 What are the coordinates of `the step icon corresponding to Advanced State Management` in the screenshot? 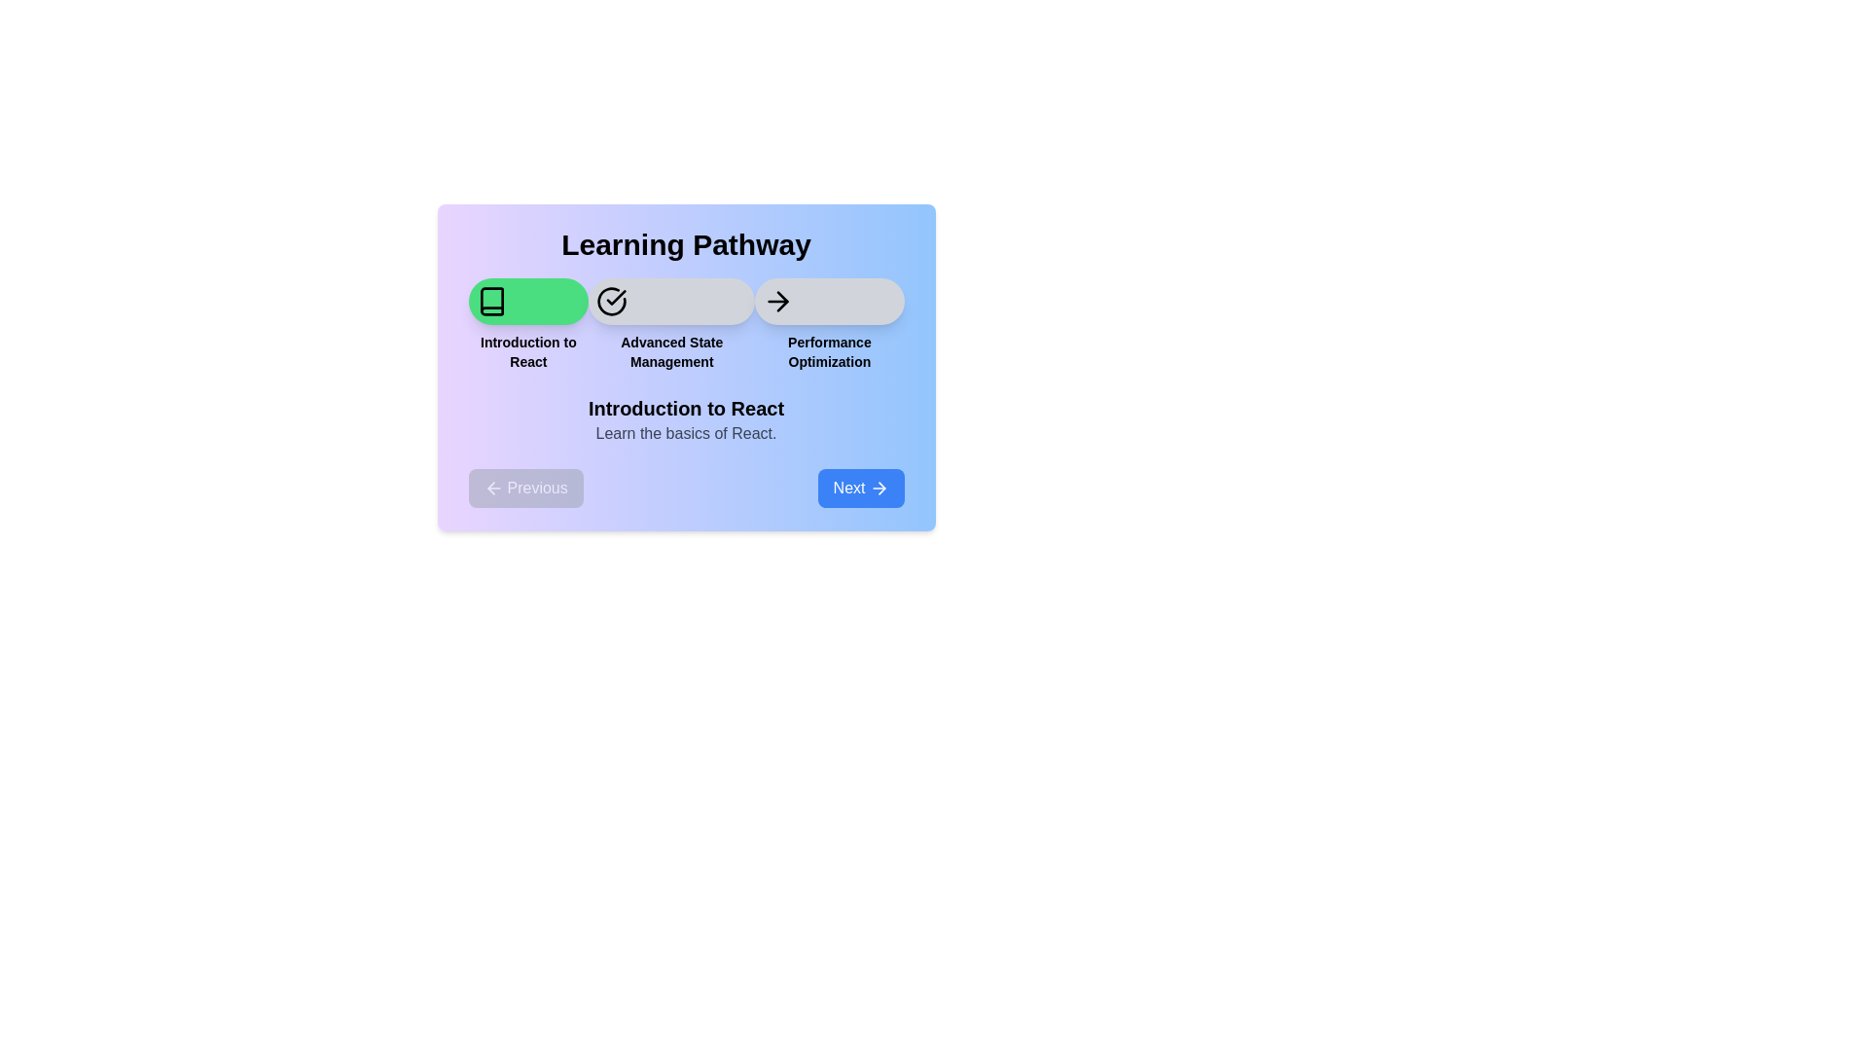 It's located at (671, 301).